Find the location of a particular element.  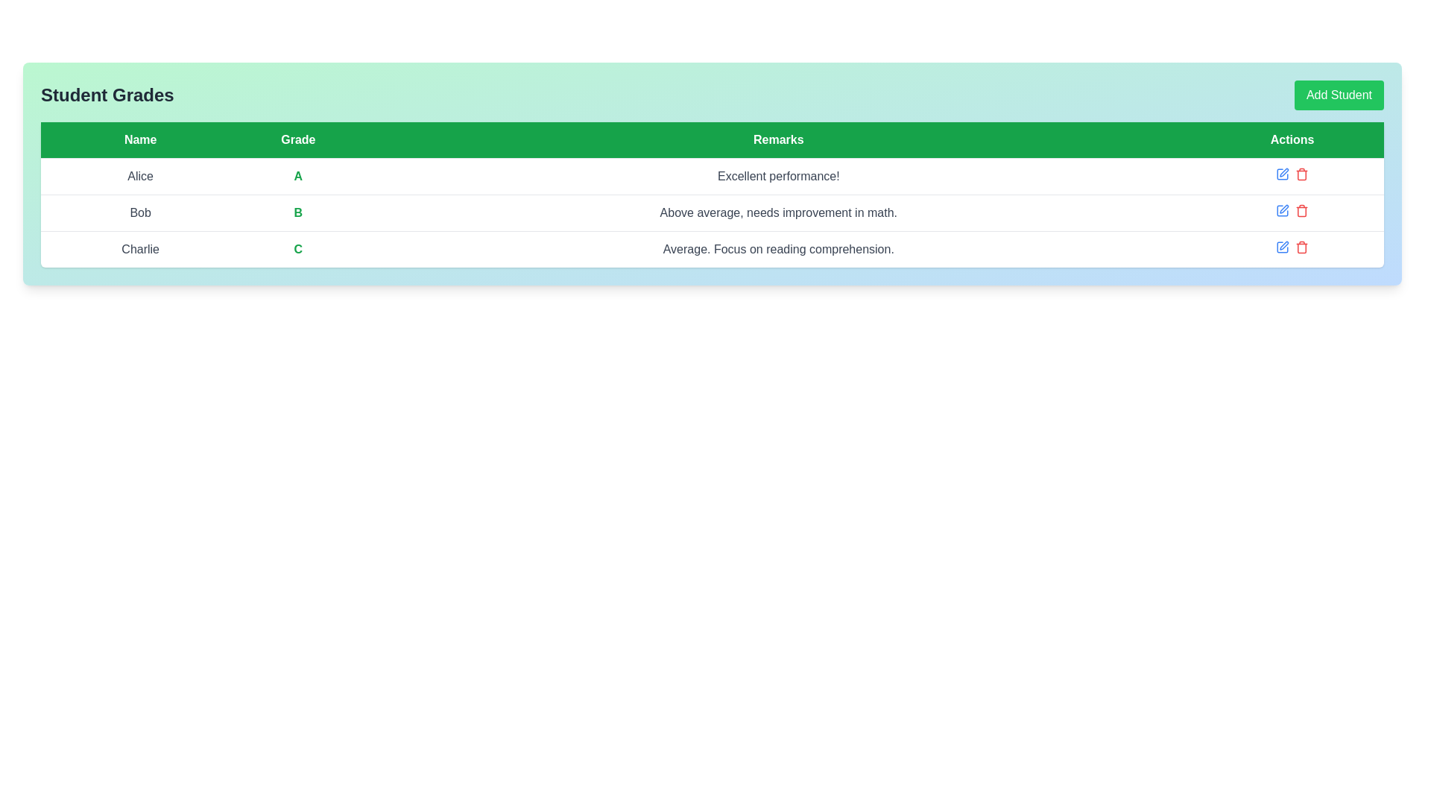

the blue, pencil-shaped 'edit' icon in the Interactive controls group for 'Alice' to modify the data is located at coordinates (1291, 174).